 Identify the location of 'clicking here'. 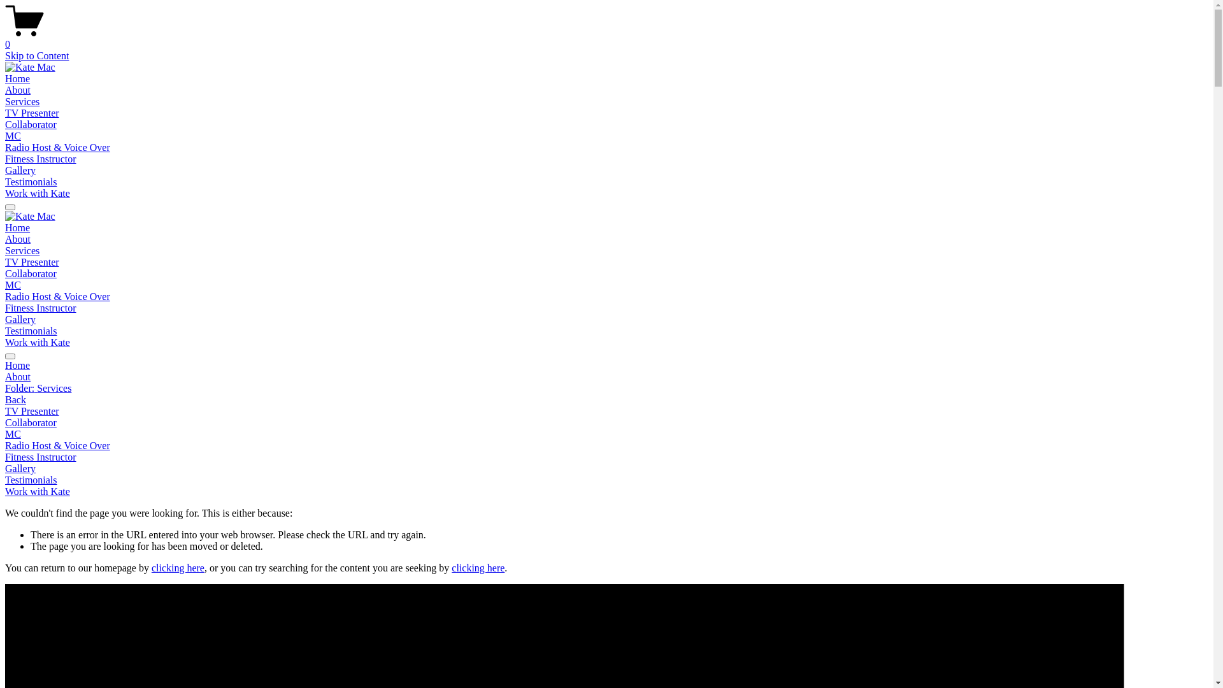
(452, 567).